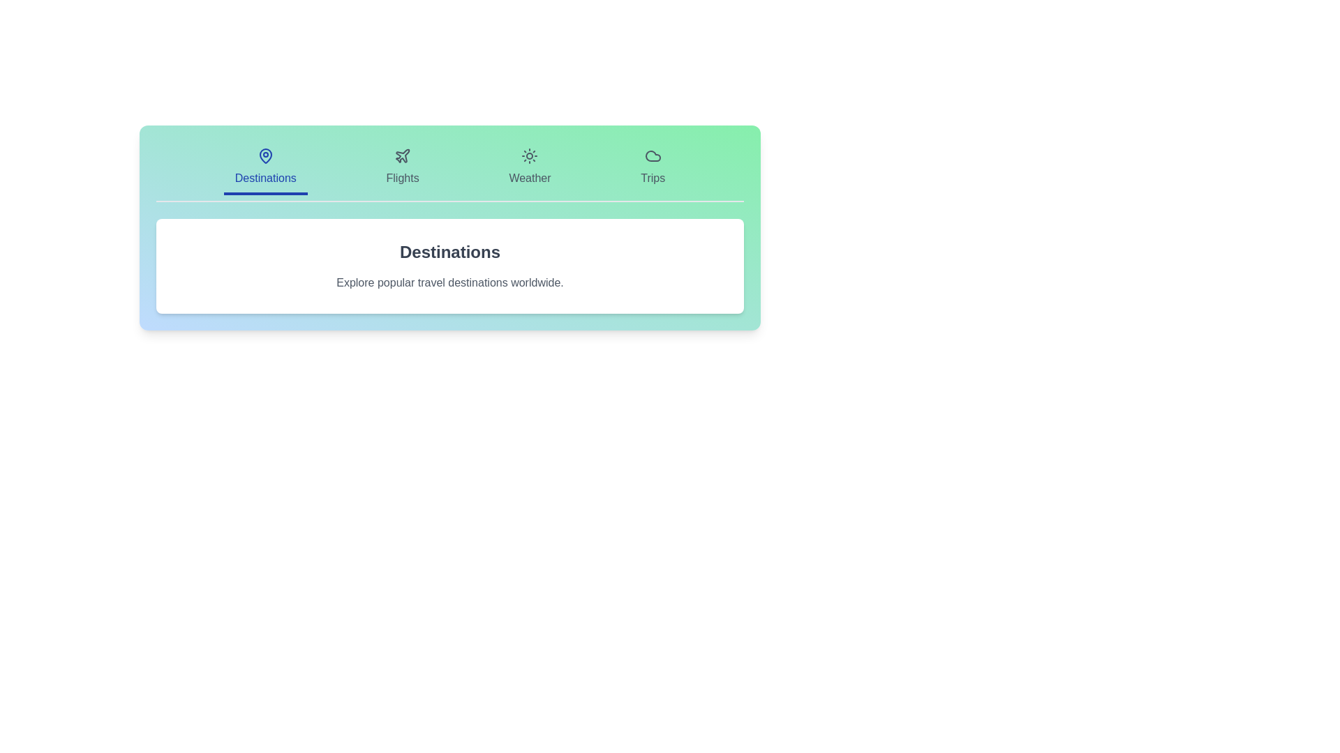 This screenshot has height=753, width=1340. I want to click on the tab labeled Weather, so click(529, 168).